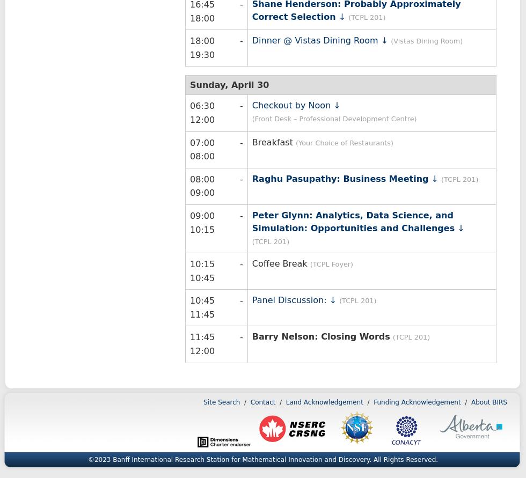  What do you see at coordinates (262, 401) in the screenshot?
I see `'Contact'` at bounding box center [262, 401].